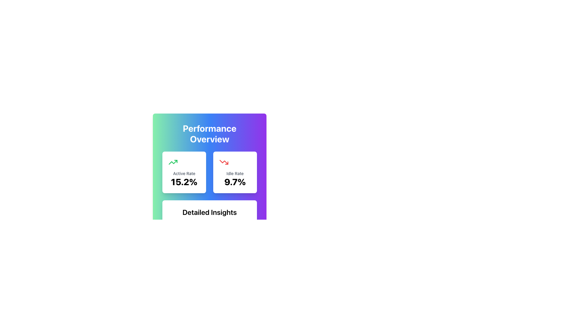  What do you see at coordinates (235, 173) in the screenshot?
I see `the 'Idle Rate' text label located at the top-right of the card, beneath the red trend arrow icon and above the '9.7%' text` at bounding box center [235, 173].